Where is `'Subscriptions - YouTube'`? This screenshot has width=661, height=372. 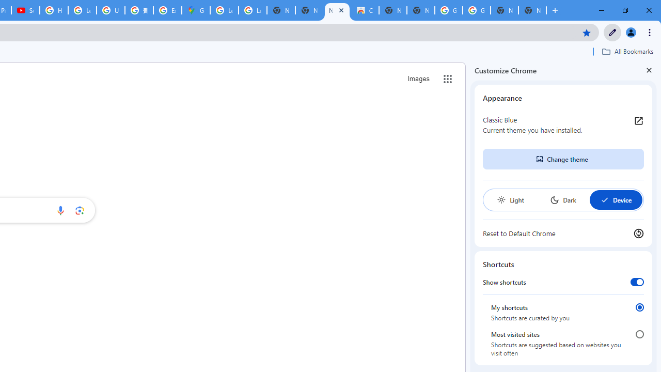 'Subscriptions - YouTube' is located at coordinates (25, 10).